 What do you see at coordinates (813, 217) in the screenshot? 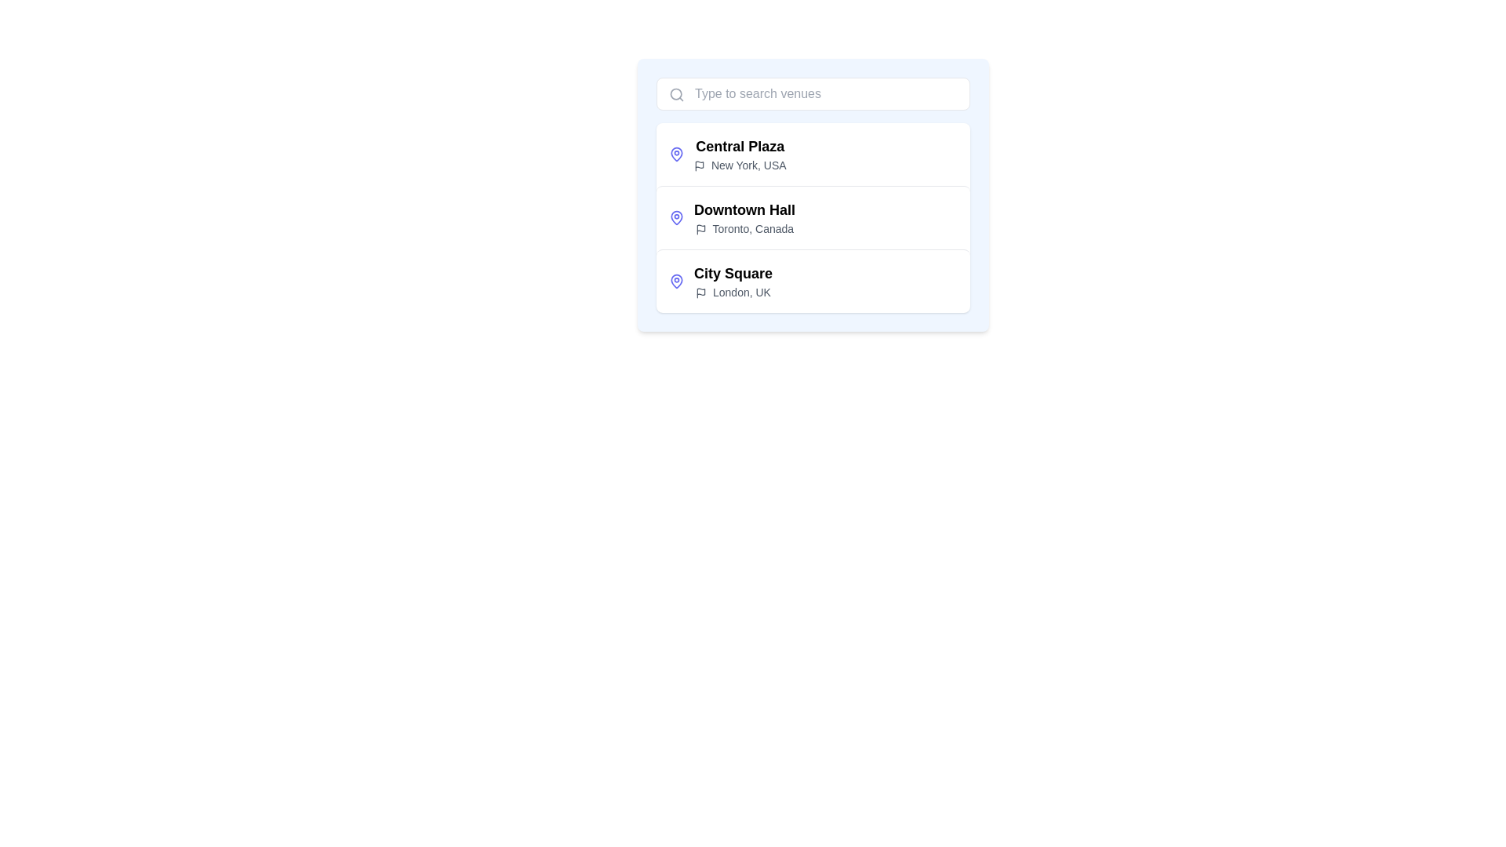
I see `the List item card for 'Downtown Hall' to highlight it` at bounding box center [813, 217].